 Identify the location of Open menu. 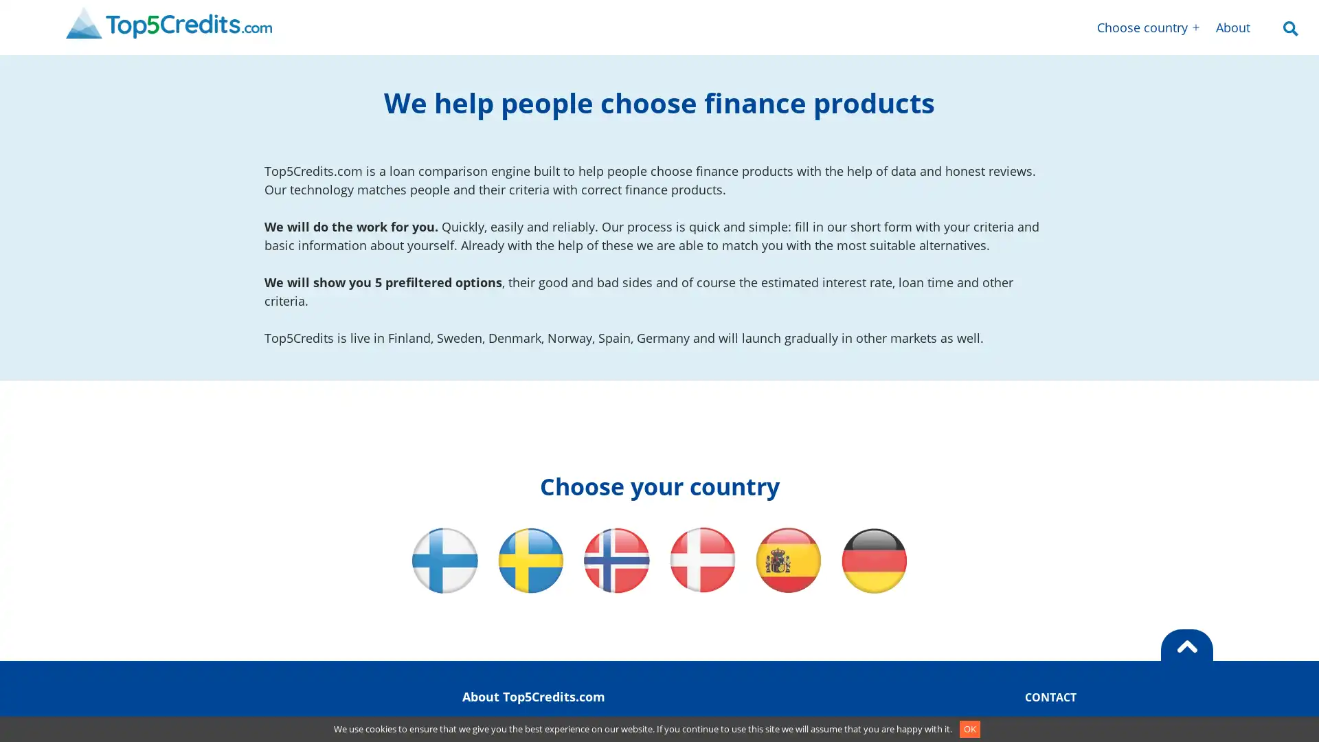
(1195, 27).